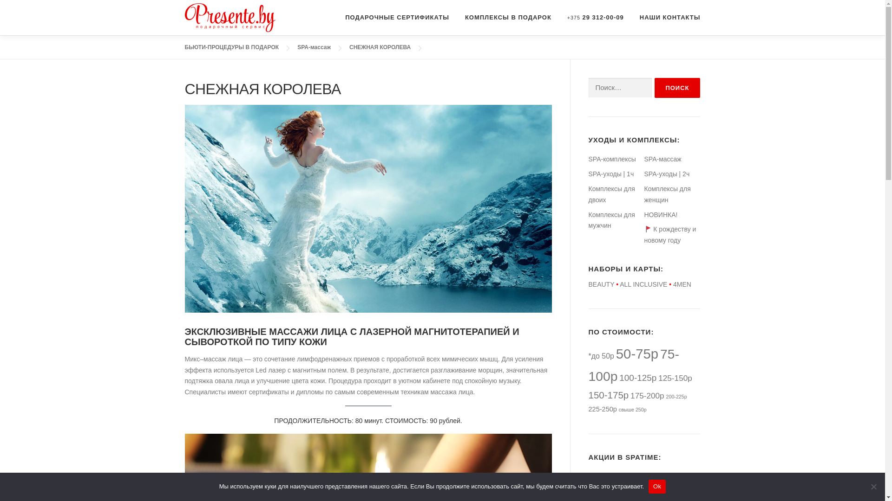 The image size is (892, 501). Describe the element at coordinates (595, 18) in the screenshot. I see `'+375 29 312-00-09'` at that location.